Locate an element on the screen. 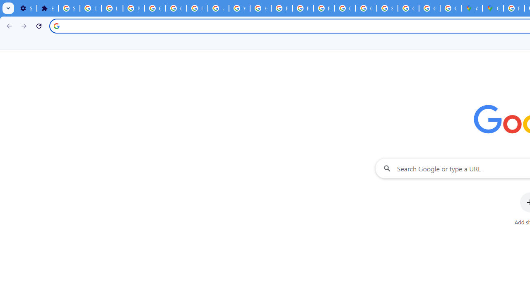 The width and height of the screenshot is (530, 298). 'Extensions' is located at coordinates (47, 8).